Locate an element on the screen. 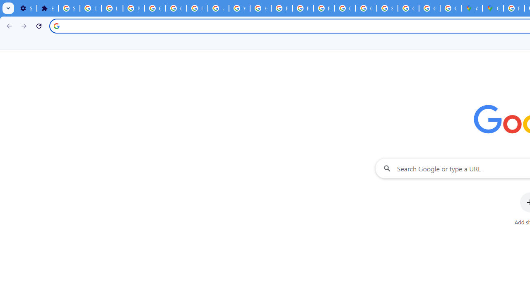 The width and height of the screenshot is (530, 298). 'Extensions' is located at coordinates (47, 8).